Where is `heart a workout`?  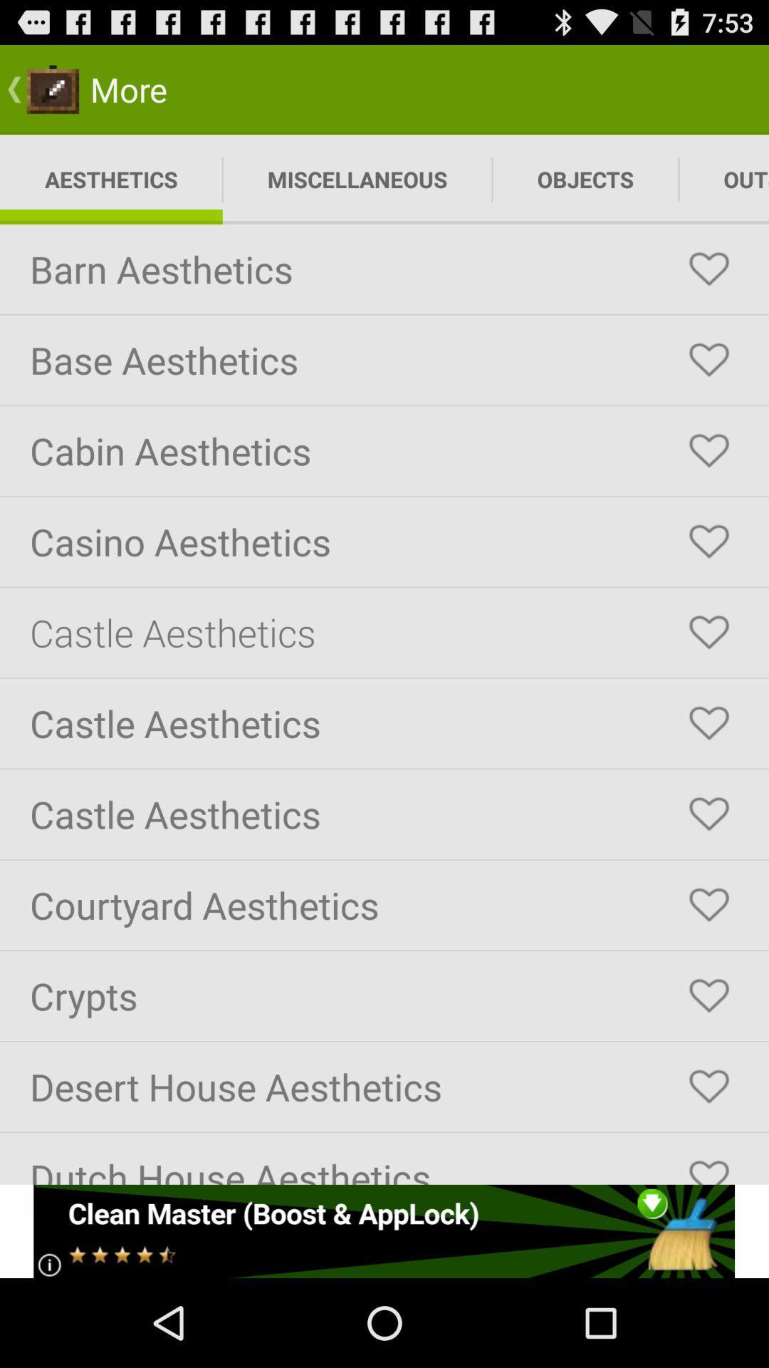 heart a workout is located at coordinates (708, 360).